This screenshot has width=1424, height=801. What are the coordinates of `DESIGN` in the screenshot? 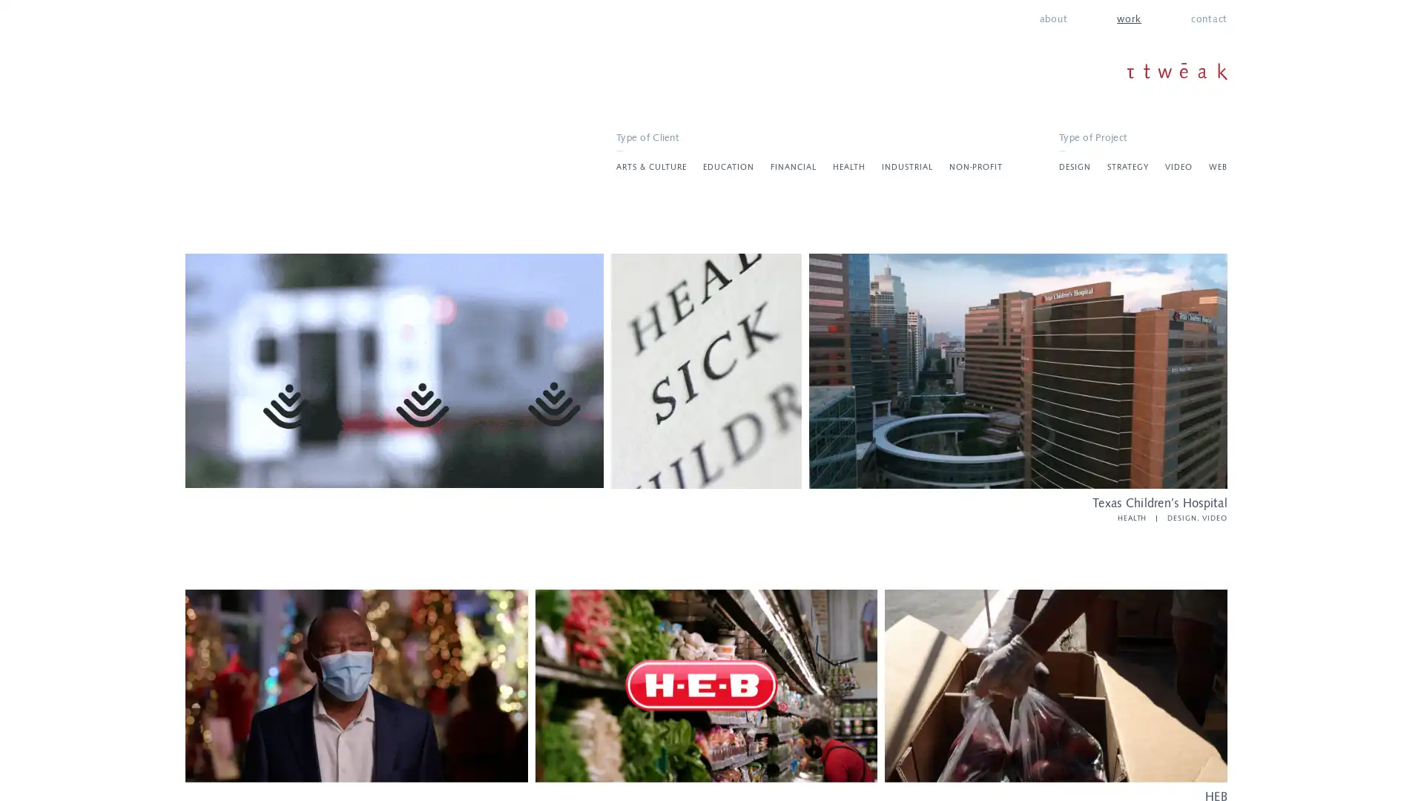 It's located at (1075, 167).